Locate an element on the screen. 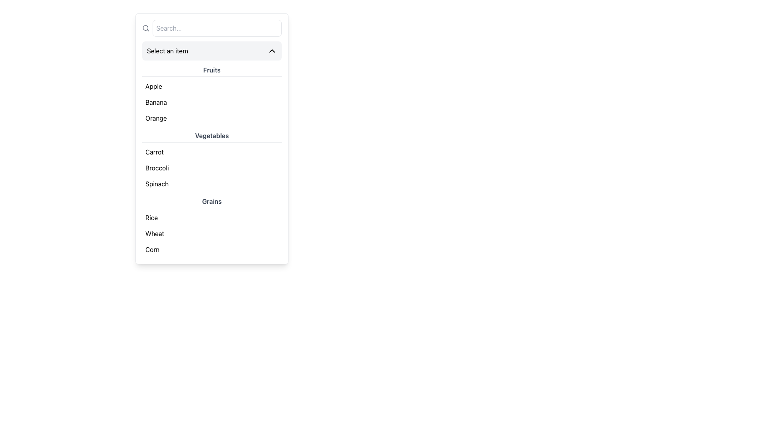 This screenshot has width=765, height=430. the text element 'Apple' located under the 'Fruits' section in the dropdown menu is located at coordinates (153, 86).